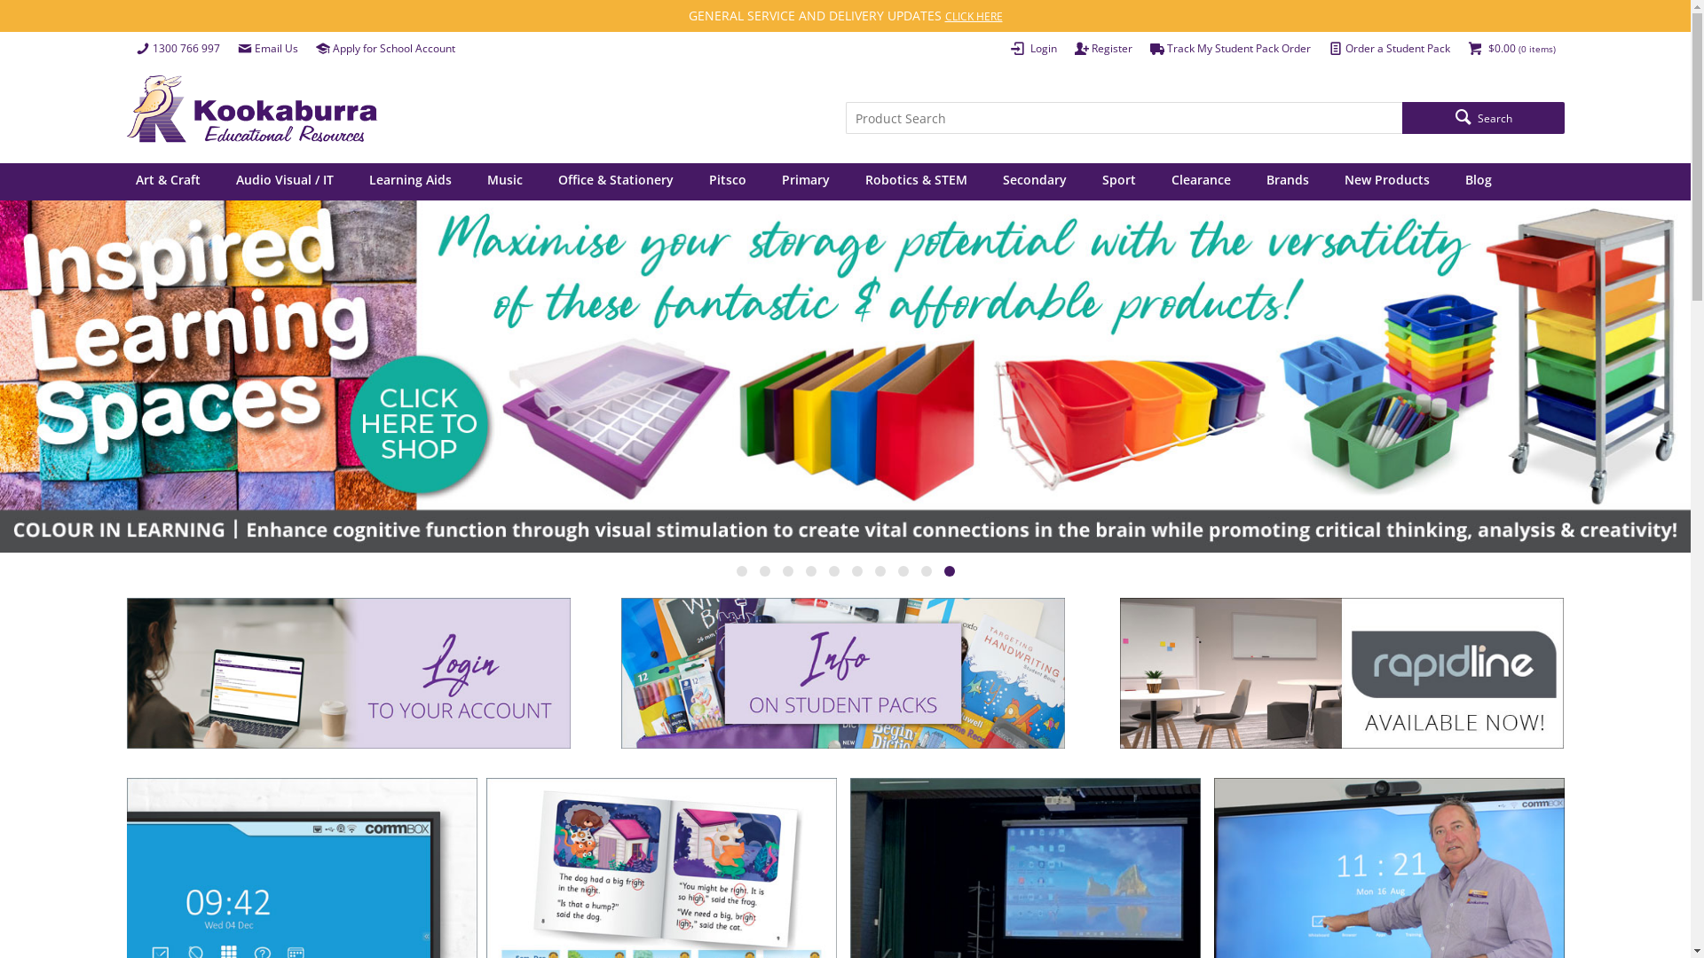 The width and height of the screenshot is (1704, 958). I want to click on 'Track My Student Pack Order', so click(1229, 47).